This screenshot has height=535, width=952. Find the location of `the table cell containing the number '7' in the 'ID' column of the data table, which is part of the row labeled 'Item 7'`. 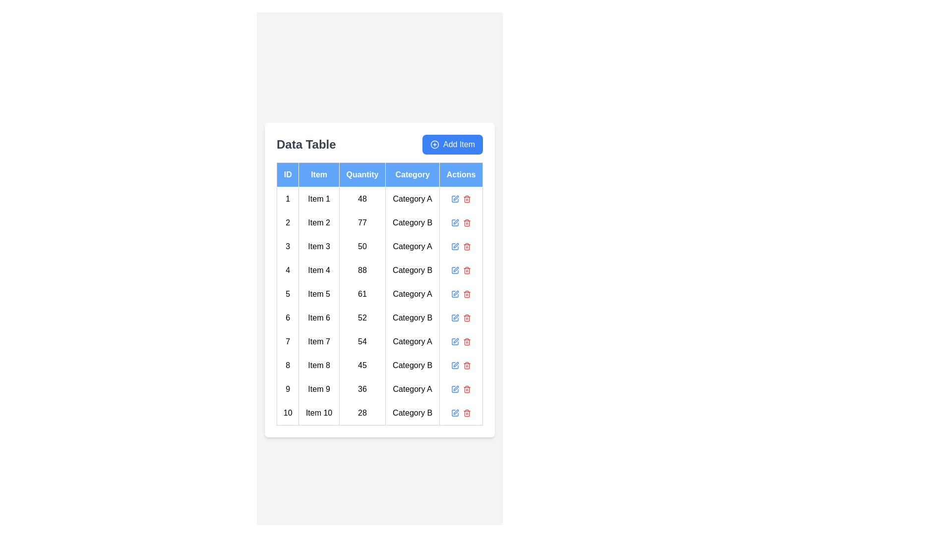

the table cell containing the number '7' in the 'ID' column of the data table, which is part of the row labeled 'Item 7' is located at coordinates (287, 341).